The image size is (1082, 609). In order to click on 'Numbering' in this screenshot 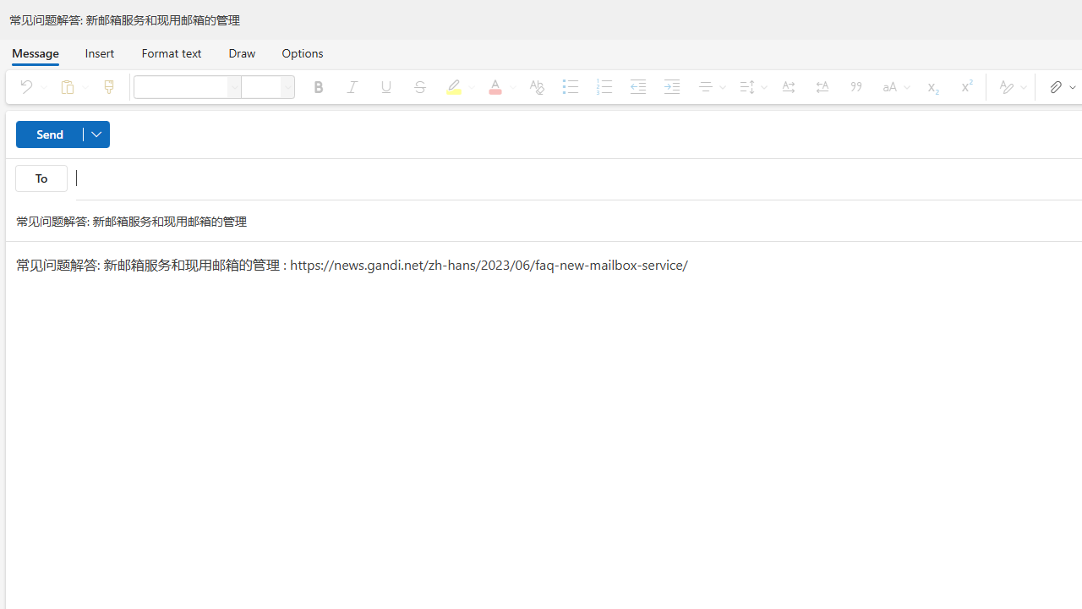, I will do `click(604, 86)`.